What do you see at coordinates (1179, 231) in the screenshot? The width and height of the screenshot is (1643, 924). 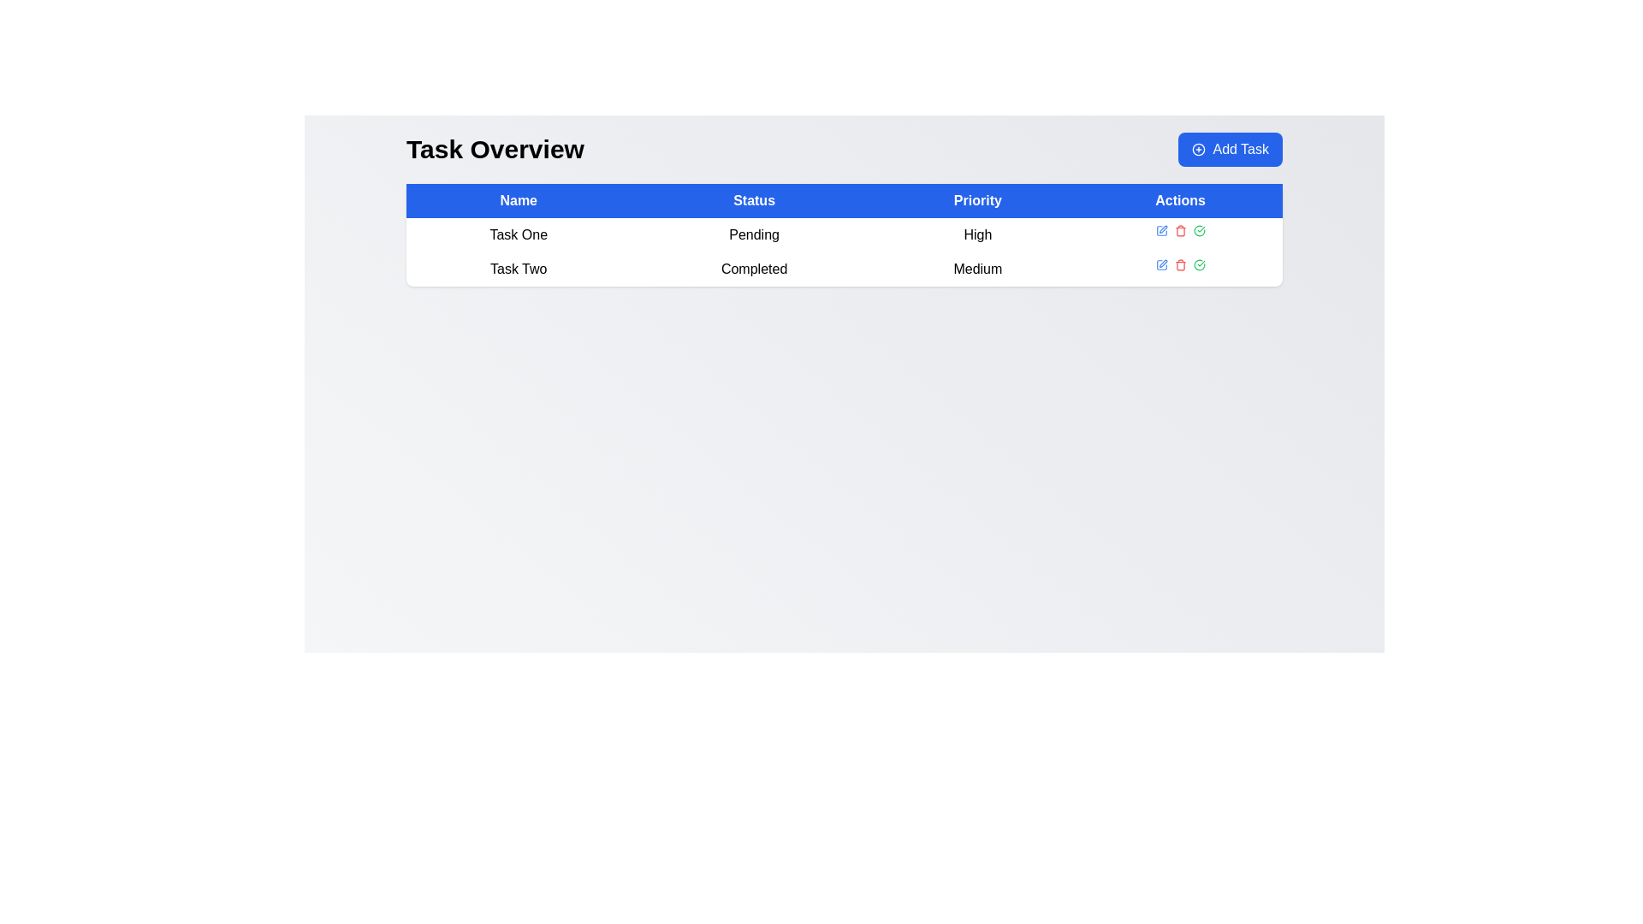 I see `the red trash can icon in the 'Actions' column of the first row` at bounding box center [1179, 231].